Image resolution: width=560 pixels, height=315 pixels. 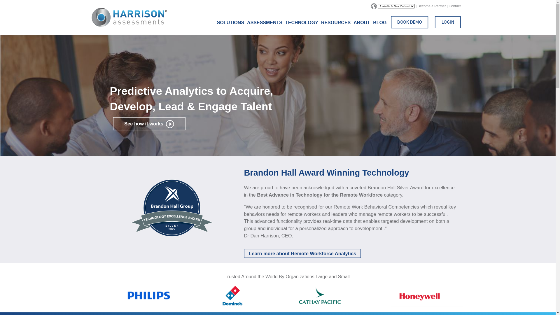 I want to click on 'Contact', so click(x=454, y=6).